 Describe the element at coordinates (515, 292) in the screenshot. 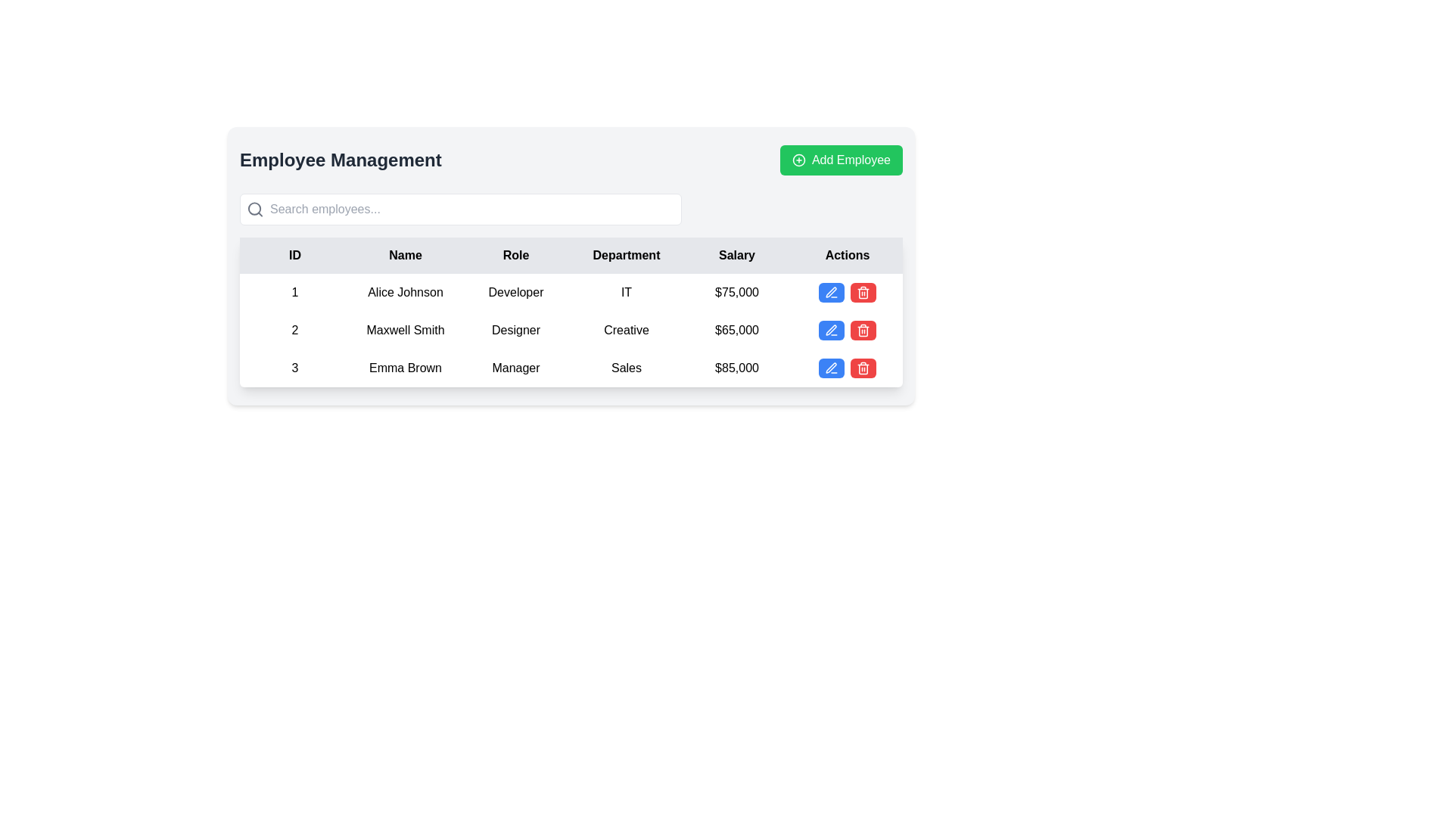

I see `the static text element labeled 'Developer' located in the third column of the first row of the employee details grid table layout, positioned between the 'Name' and 'Department' columns` at that location.